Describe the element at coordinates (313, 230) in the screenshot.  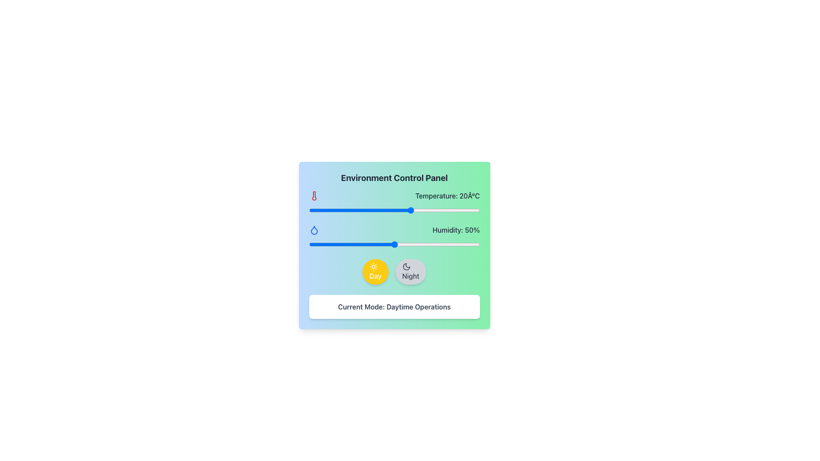
I see `the humidity icon located in the 'Environment Control Panel', adjacent to the text 'Humidity: 50%'` at that location.